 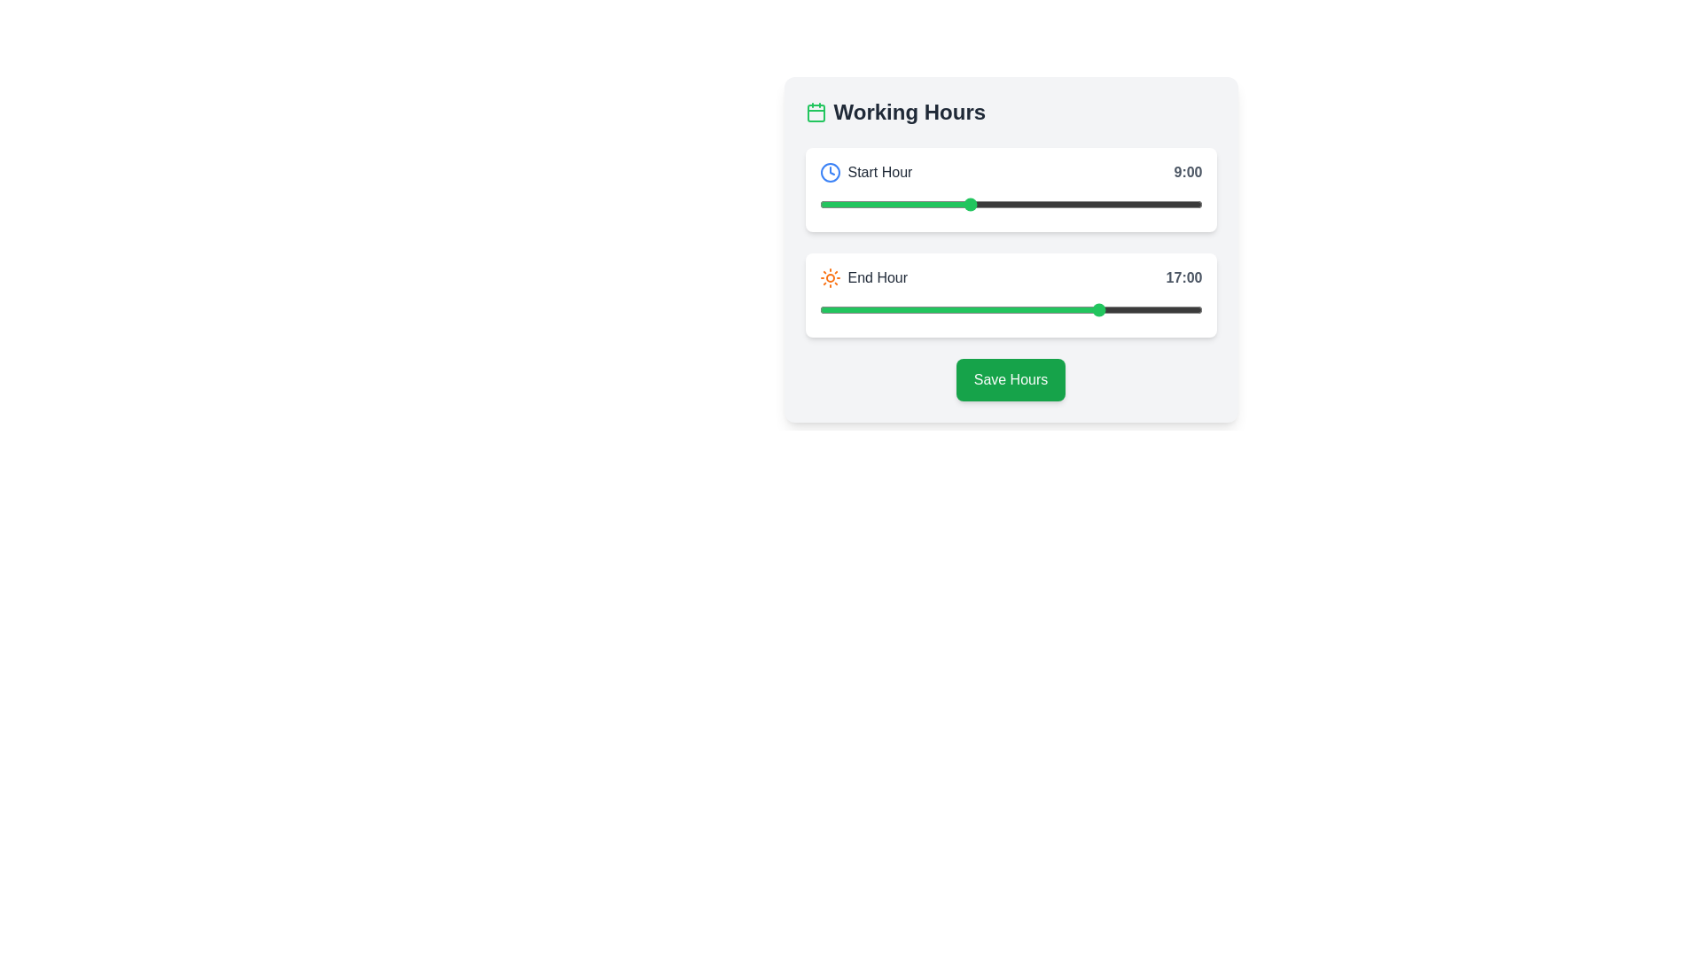 What do you see at coordinates (935, 309) in the screenshot?
I see `the end hour` at bounding box center [935, 309].